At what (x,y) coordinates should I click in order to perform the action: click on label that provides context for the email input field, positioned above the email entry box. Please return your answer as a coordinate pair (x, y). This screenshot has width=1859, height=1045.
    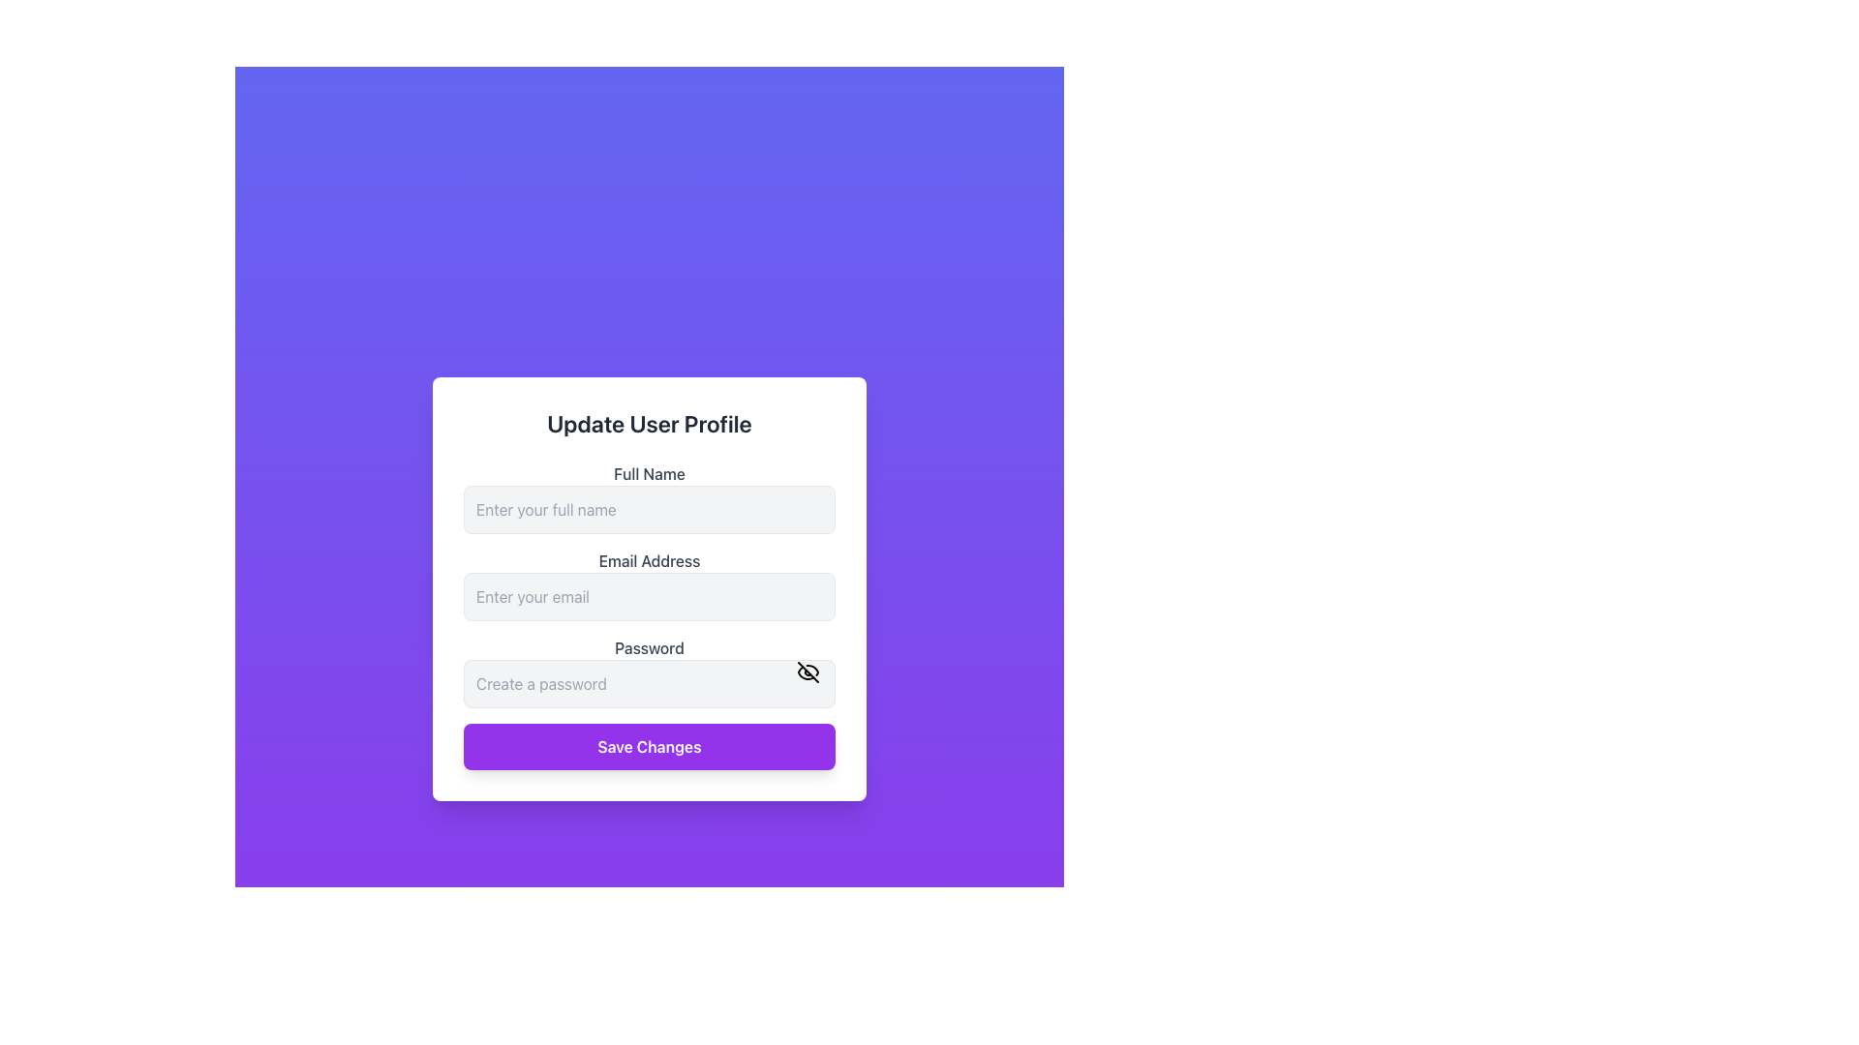
    Looking at the image, I should click on (650, 560).